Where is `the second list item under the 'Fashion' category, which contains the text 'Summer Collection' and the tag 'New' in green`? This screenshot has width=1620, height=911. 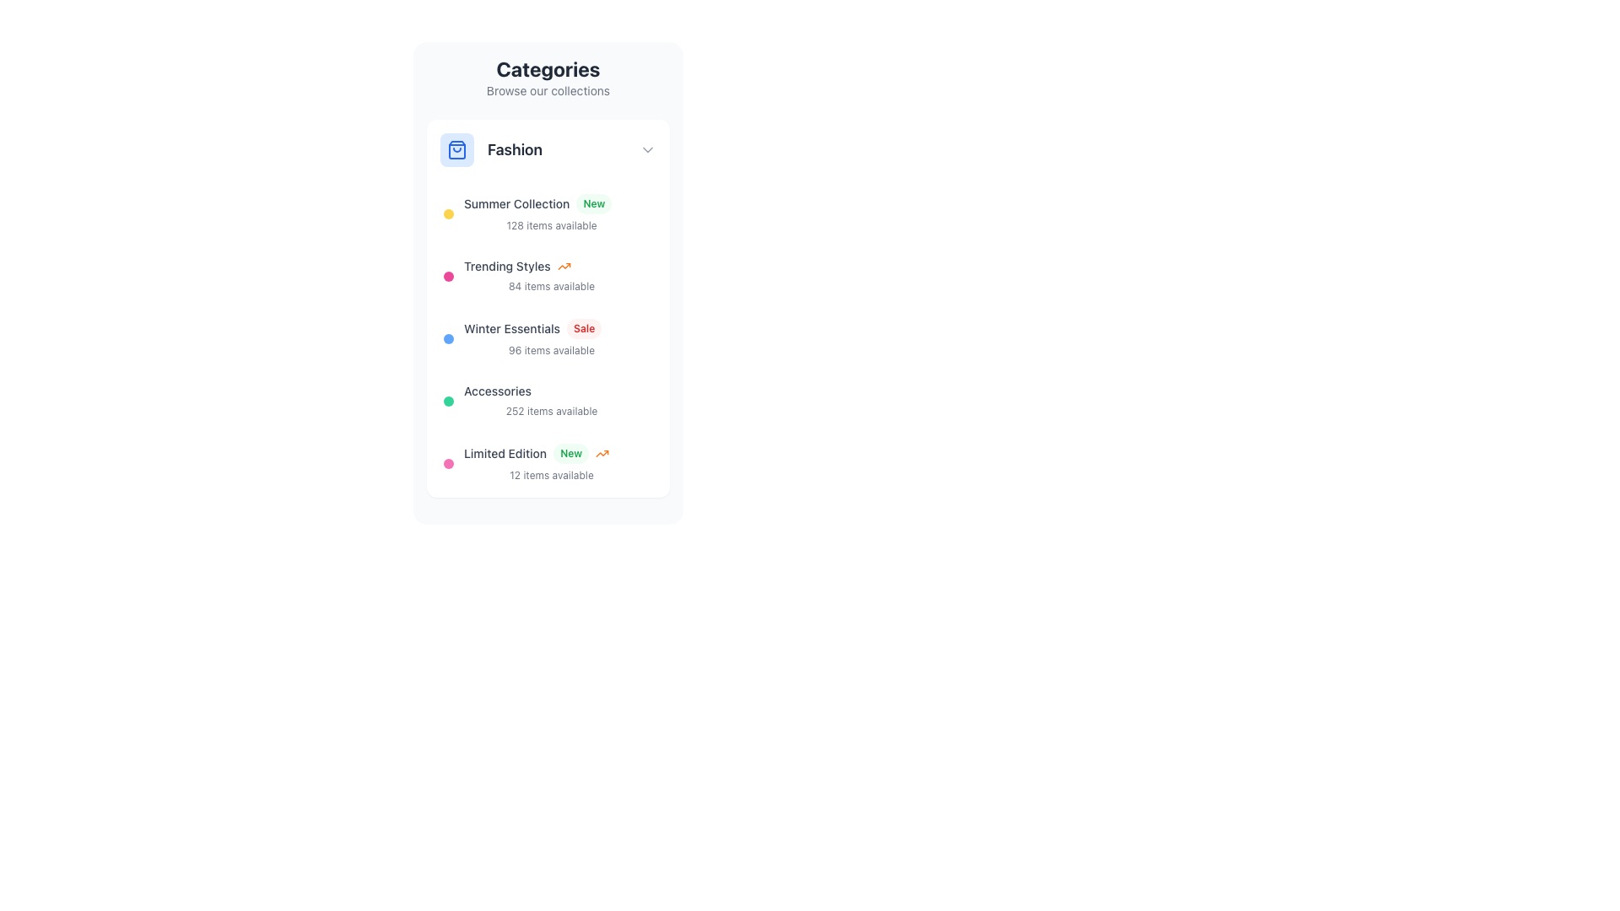 the second list item under the 'Fashion' category, which contains the text 'Summer Collection' and the tag 'New' in green is located at coordinates (548, 213).